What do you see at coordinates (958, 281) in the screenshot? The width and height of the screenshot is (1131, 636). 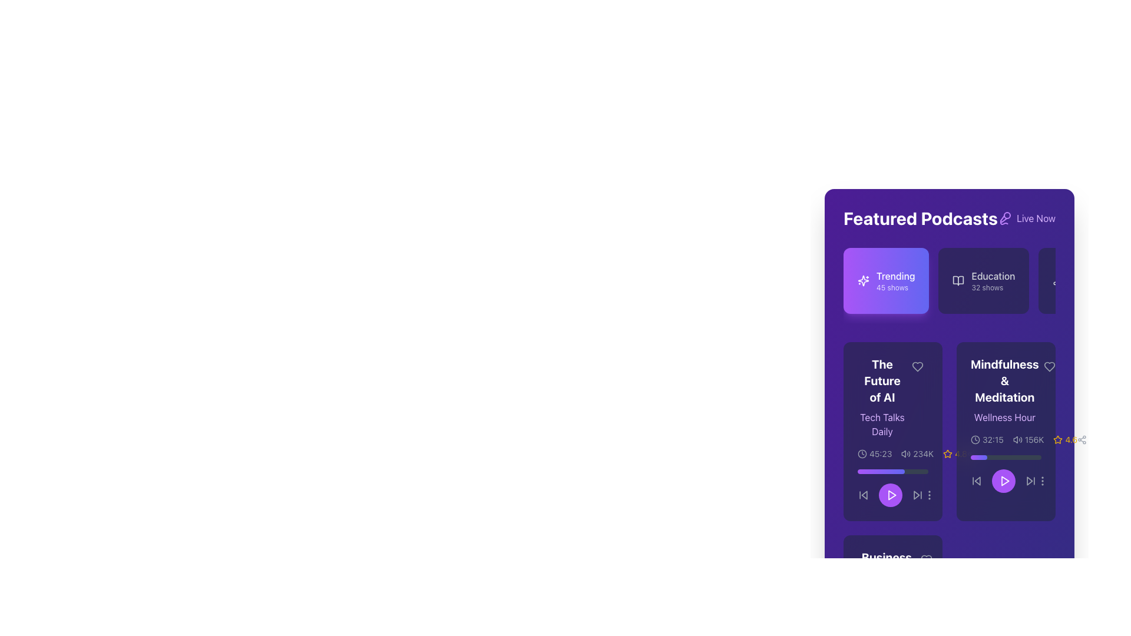 I see `the educational icon in the 'Education' card located in the 'Featured Podcasts' section, which is positioned slightly right of the card's middle-left boundary` at bounding box center [958, 281].